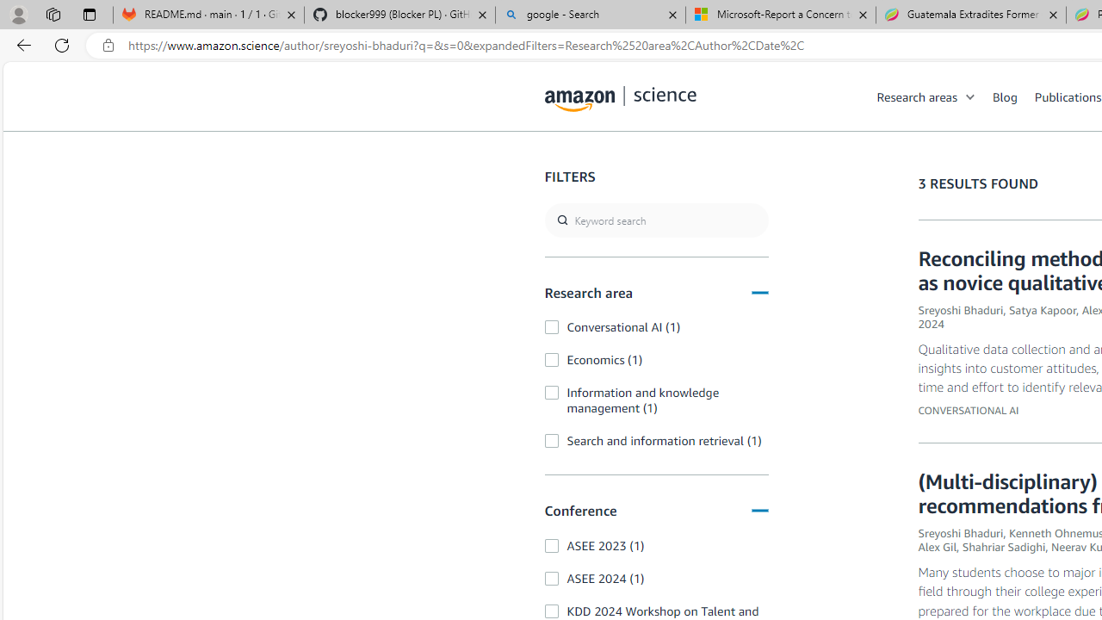 The height and width of the screenshot is (620, 1102). Describe the element at coordinates (1013, 96) in the screenshot. I see `'Blog'` at that location.